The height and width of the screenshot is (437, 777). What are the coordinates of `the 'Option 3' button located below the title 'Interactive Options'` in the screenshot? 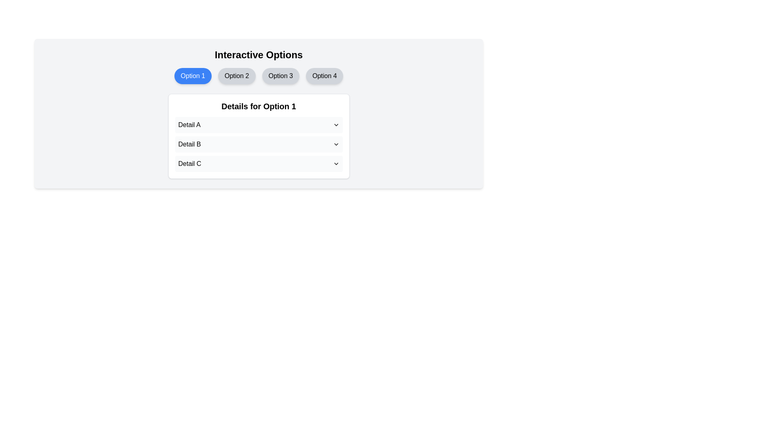 It's located at (280, 76).